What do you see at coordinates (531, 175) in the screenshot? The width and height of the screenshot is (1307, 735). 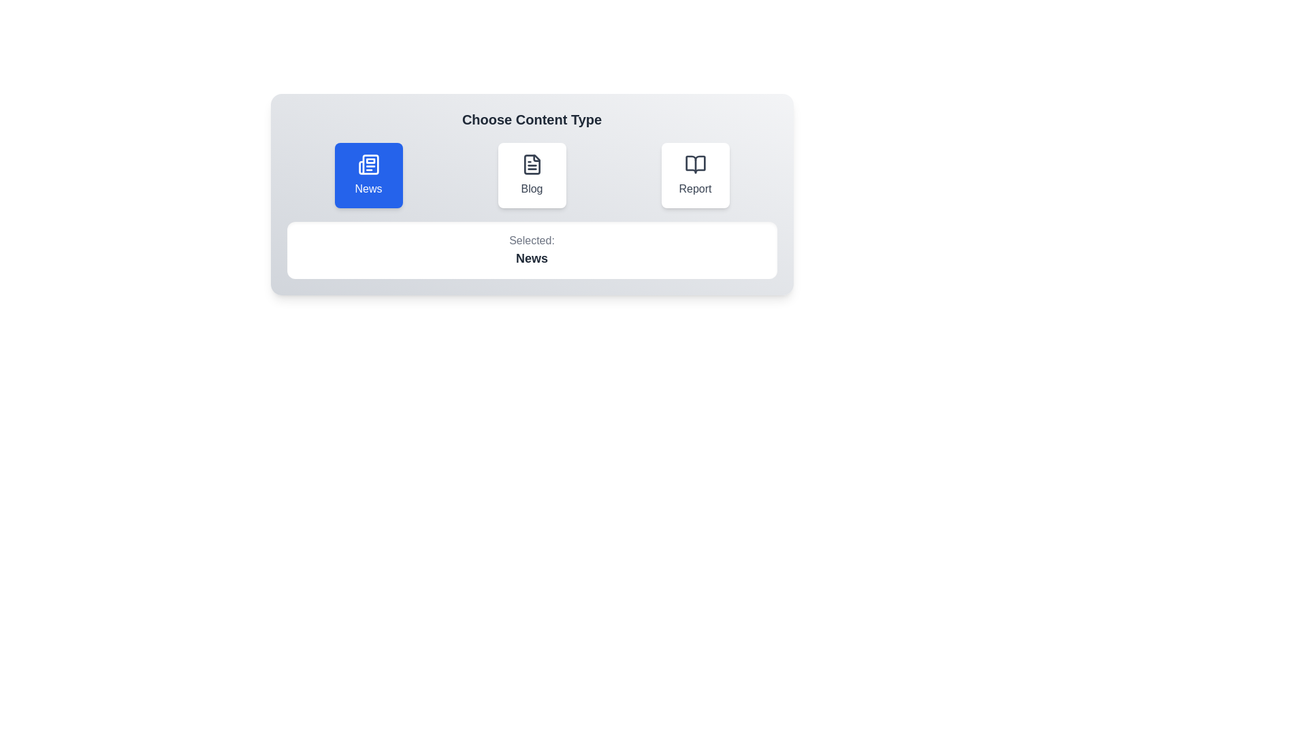 I see `the Blog button to observe its hover effect` at bounding box center [531, 175].